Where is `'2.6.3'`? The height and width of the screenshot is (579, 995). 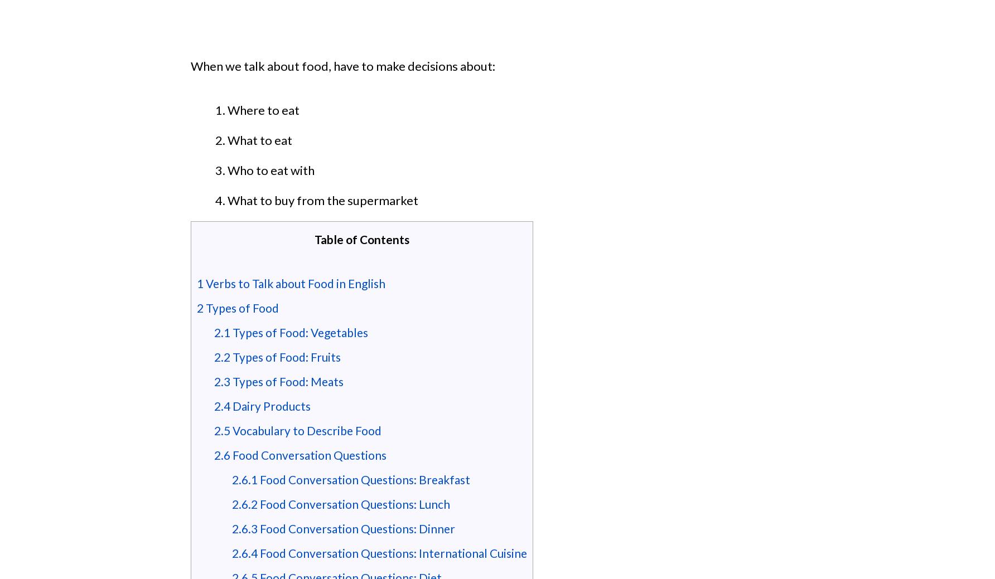 '2.6.3' is located at coordinates (243, 528).